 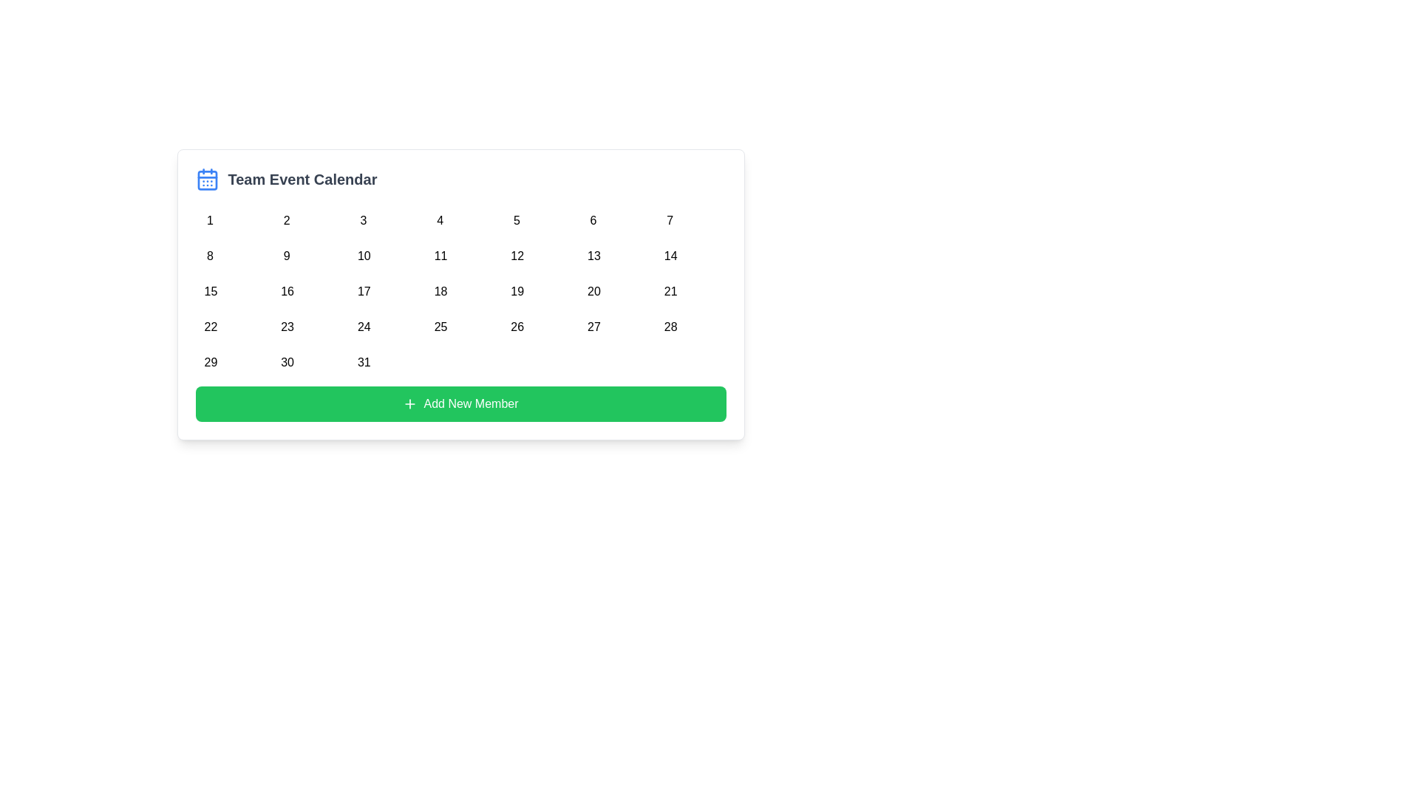 I want to click on the clickable date button displaying '28' located in the last row, fourth column of a 7-column grid, so click(x=669, y=324).